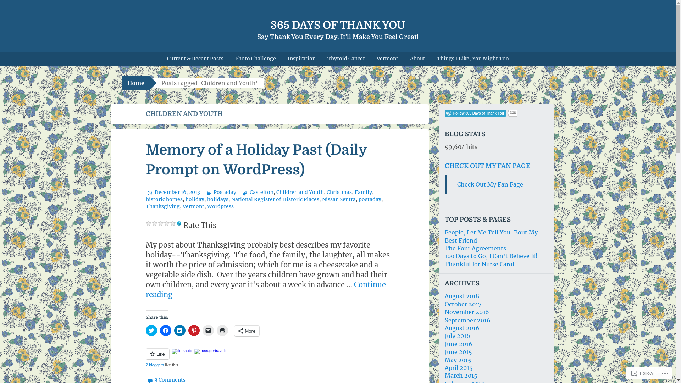  What do you see at coordinates (172, 192) in the screenshot?
I see `'December 16, 2013'` at bounding box center [172, 192].